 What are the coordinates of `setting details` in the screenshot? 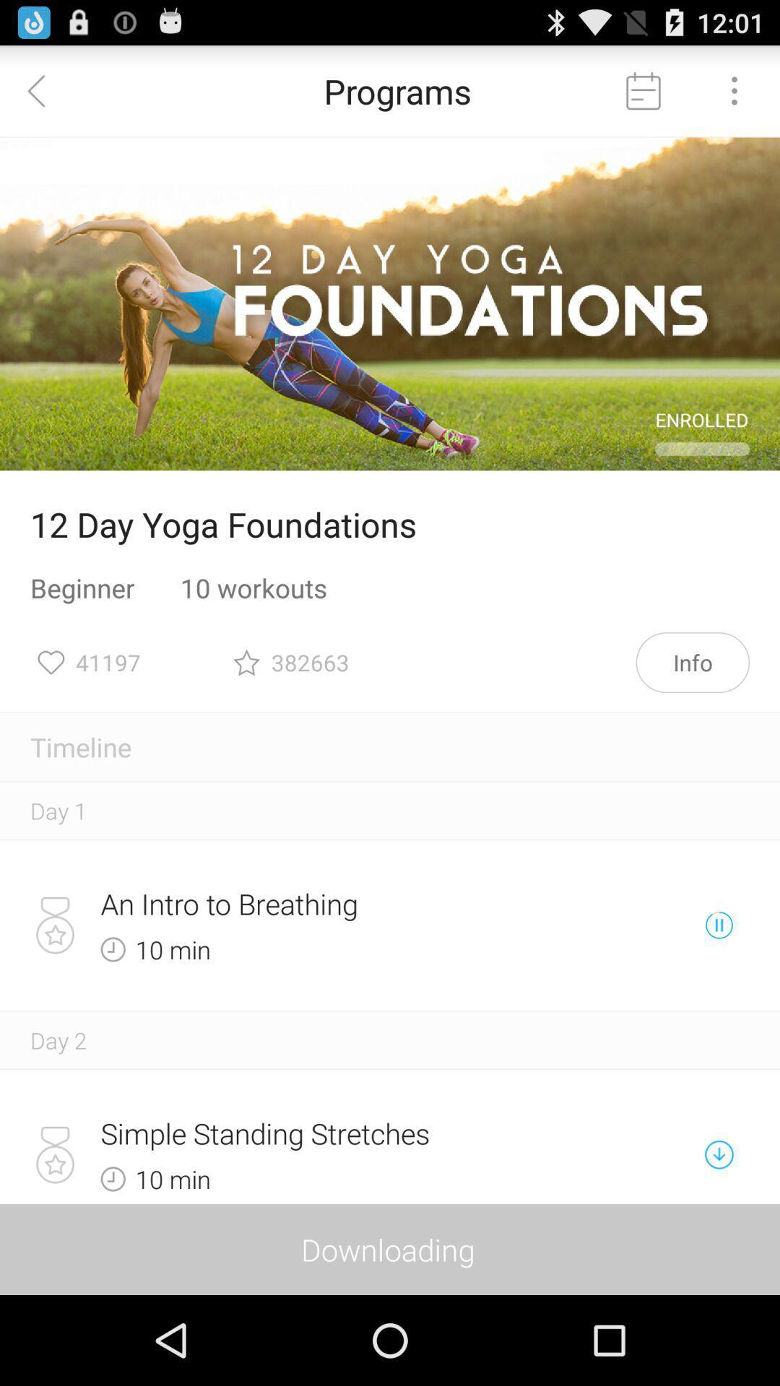 It's located at (734, 90).